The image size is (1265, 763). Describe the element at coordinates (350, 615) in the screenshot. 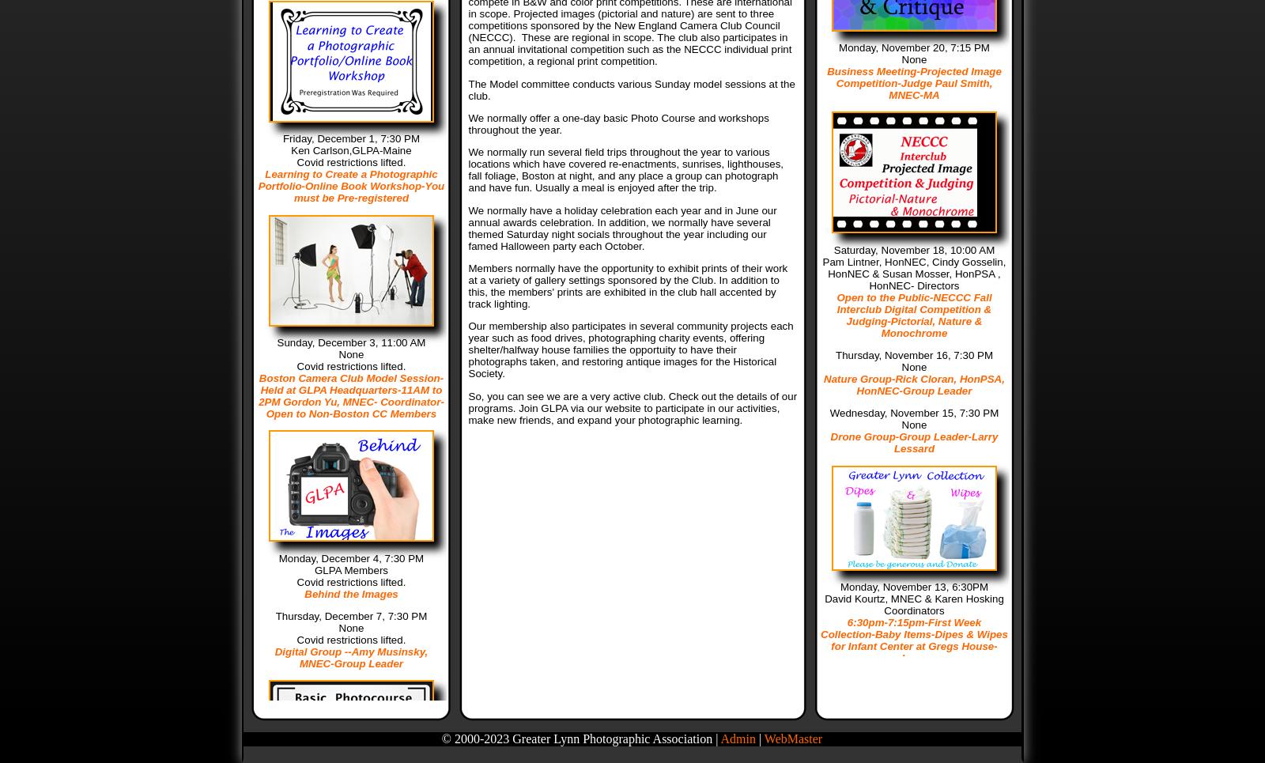

I see `'Thursday, December 7, 7:30 PM'` at that location.